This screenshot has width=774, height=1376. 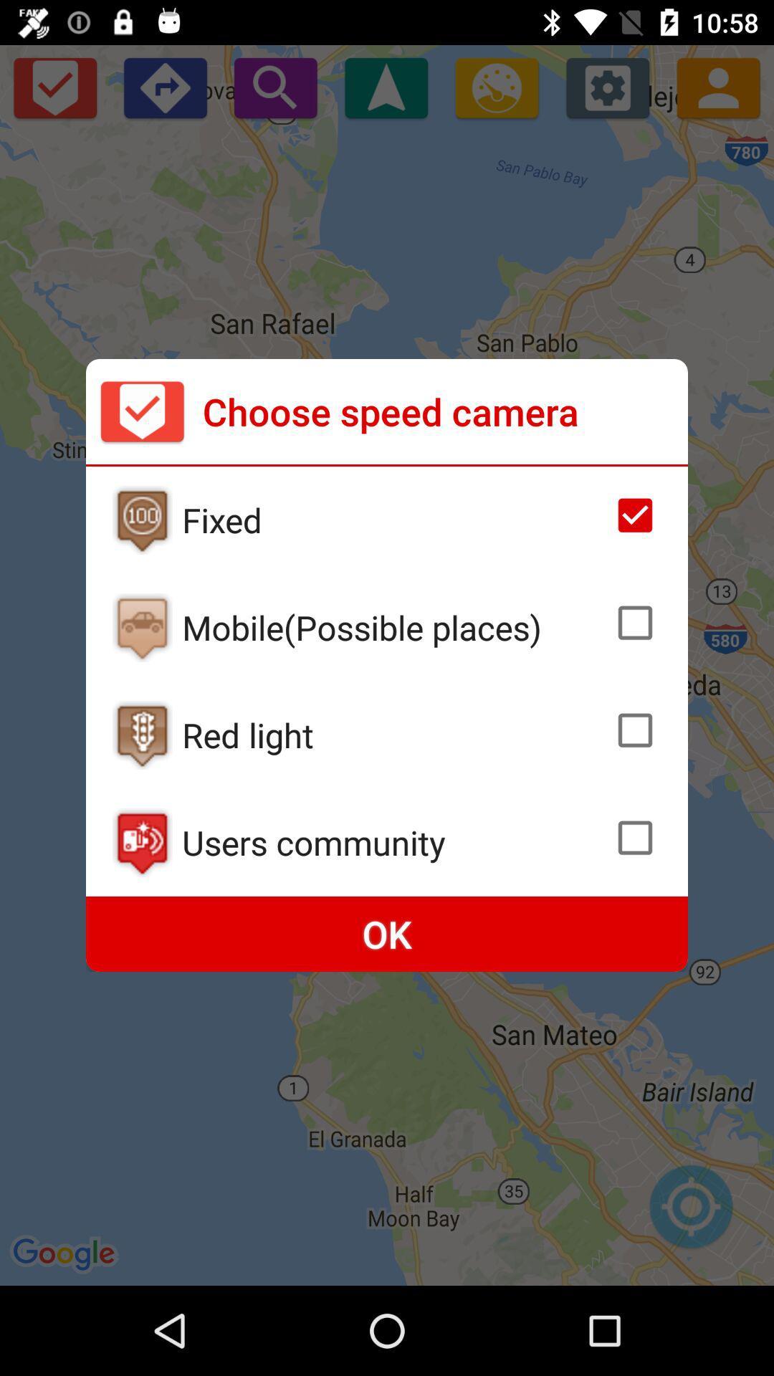 What do you see at coordinates (634, 623) in the screenshot?
I see `click check box` at bounding box center [634, 623].